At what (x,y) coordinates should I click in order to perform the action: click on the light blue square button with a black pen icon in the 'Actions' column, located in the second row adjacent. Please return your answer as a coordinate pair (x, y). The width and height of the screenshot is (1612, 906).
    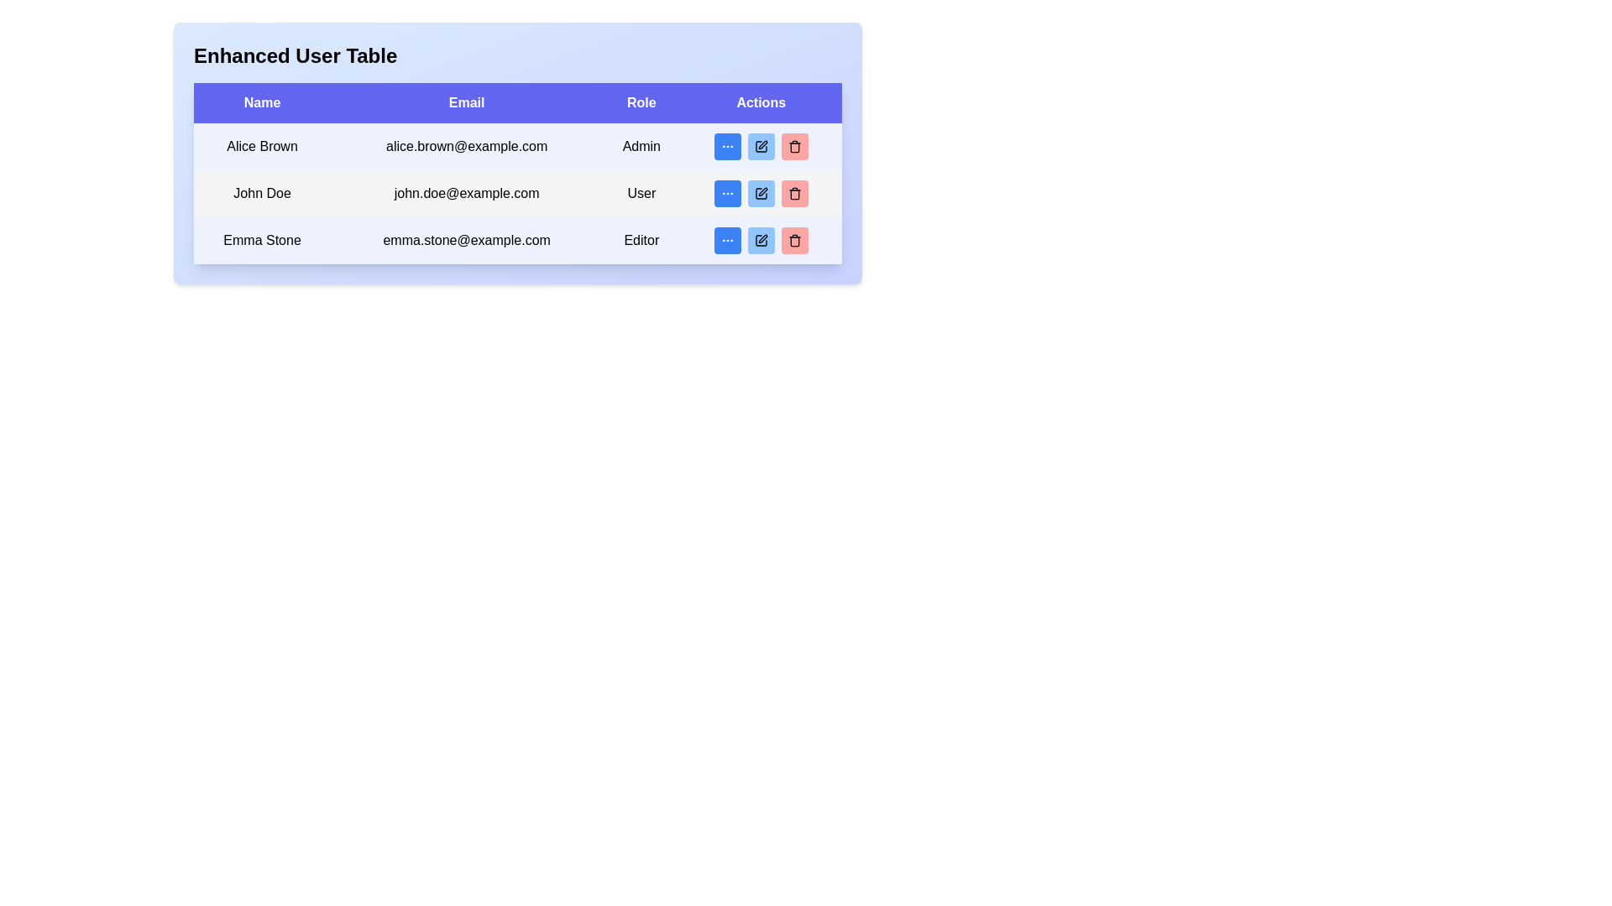
    Looking at the image, I should click on (760, 193).